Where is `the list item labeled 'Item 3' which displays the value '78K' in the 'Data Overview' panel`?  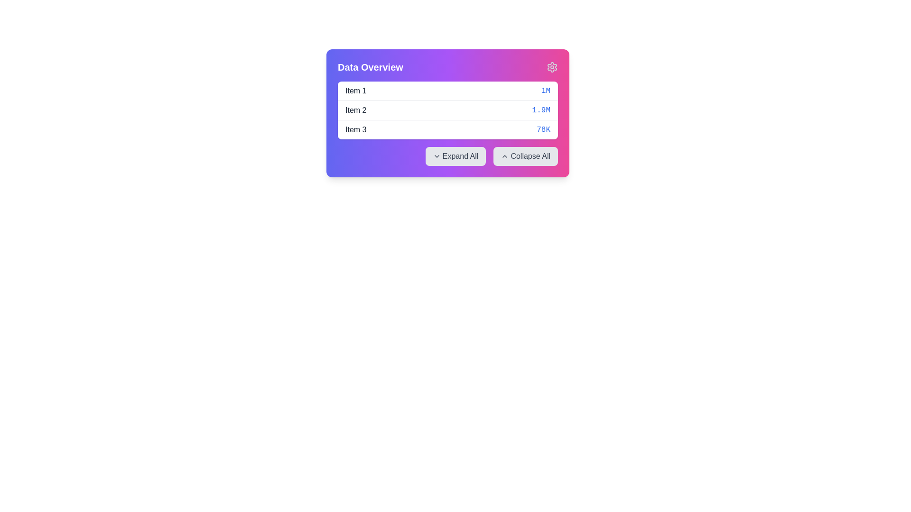
the list item labeled 'Item 3' which displays the value '78K' in the 'Data Overview' panel is located at coordinates (447, 129).